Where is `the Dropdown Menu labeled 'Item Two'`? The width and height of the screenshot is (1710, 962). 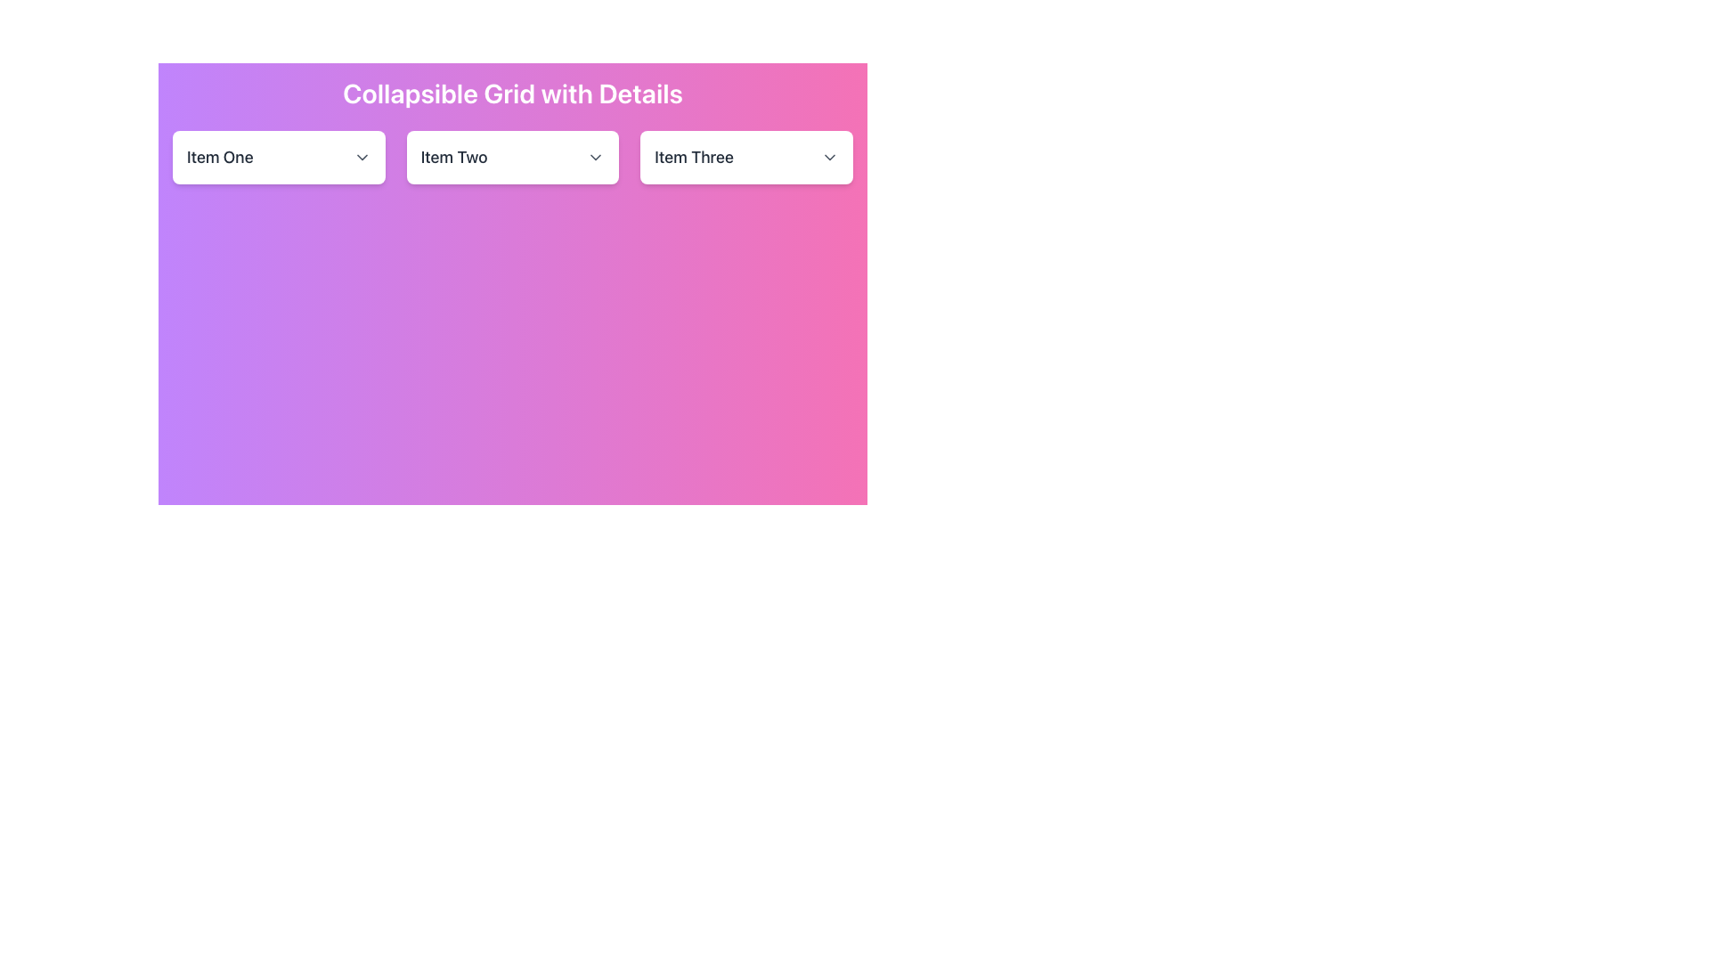
the Dropdown Menu labeled 'Item Two' is located at coordinates (512, 157).